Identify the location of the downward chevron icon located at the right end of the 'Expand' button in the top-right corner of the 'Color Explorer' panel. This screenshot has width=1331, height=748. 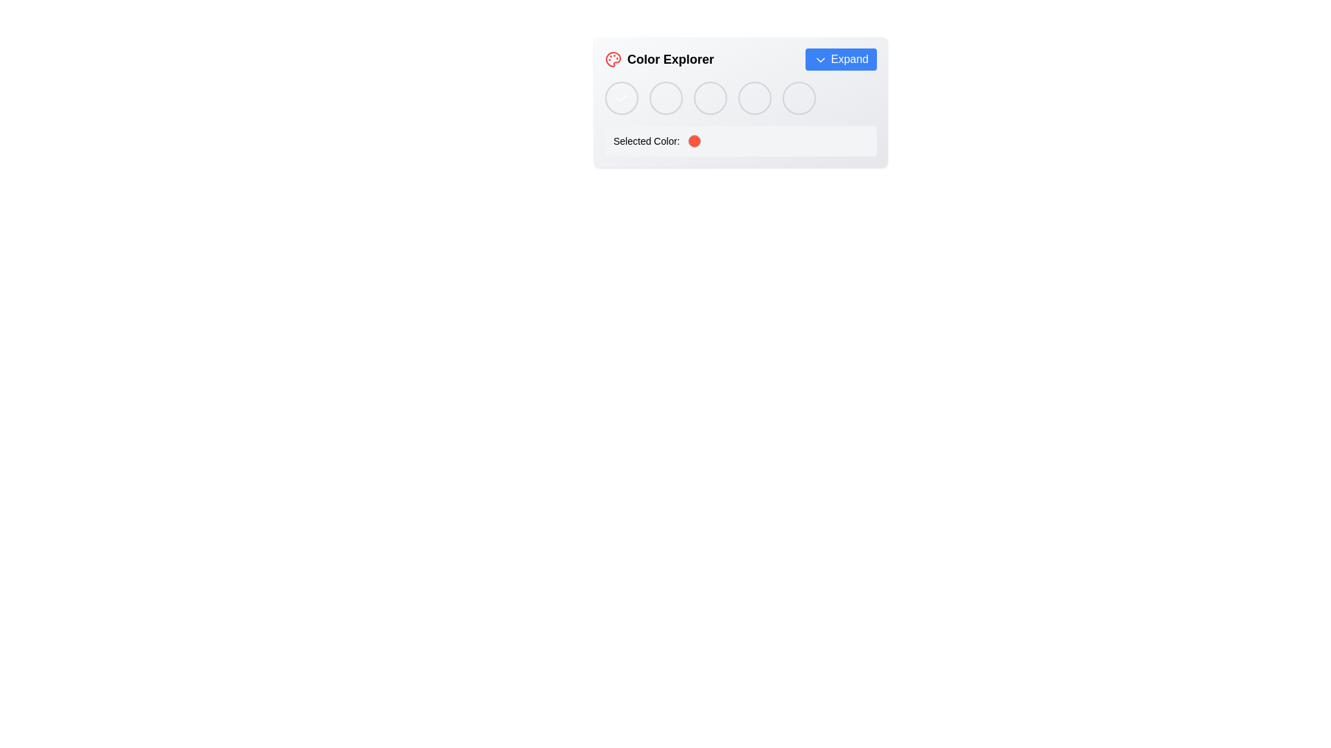
(821, 59).